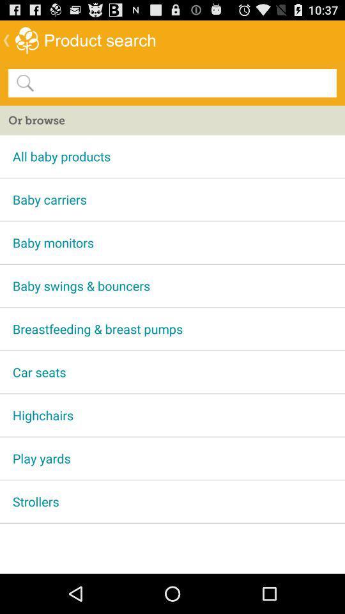 Image resolution: width=345 pixels, height=614 pixels. I want to click on the baby monitors, so click(172, 242).